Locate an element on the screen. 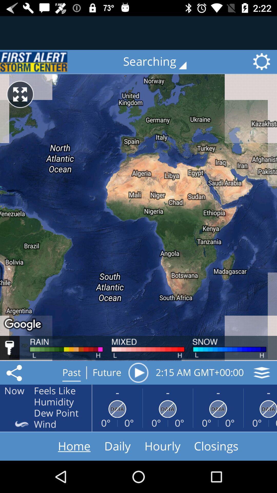 The height and width of the screenshot is (493, 277). the layers icon is located at coordinates (262, 373).